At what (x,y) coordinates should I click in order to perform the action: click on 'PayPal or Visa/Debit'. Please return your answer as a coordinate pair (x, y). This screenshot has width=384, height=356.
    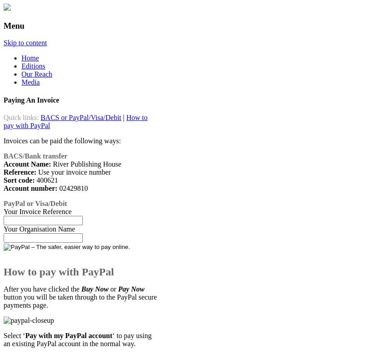
    Looking at the image, I should click on (34, 202).